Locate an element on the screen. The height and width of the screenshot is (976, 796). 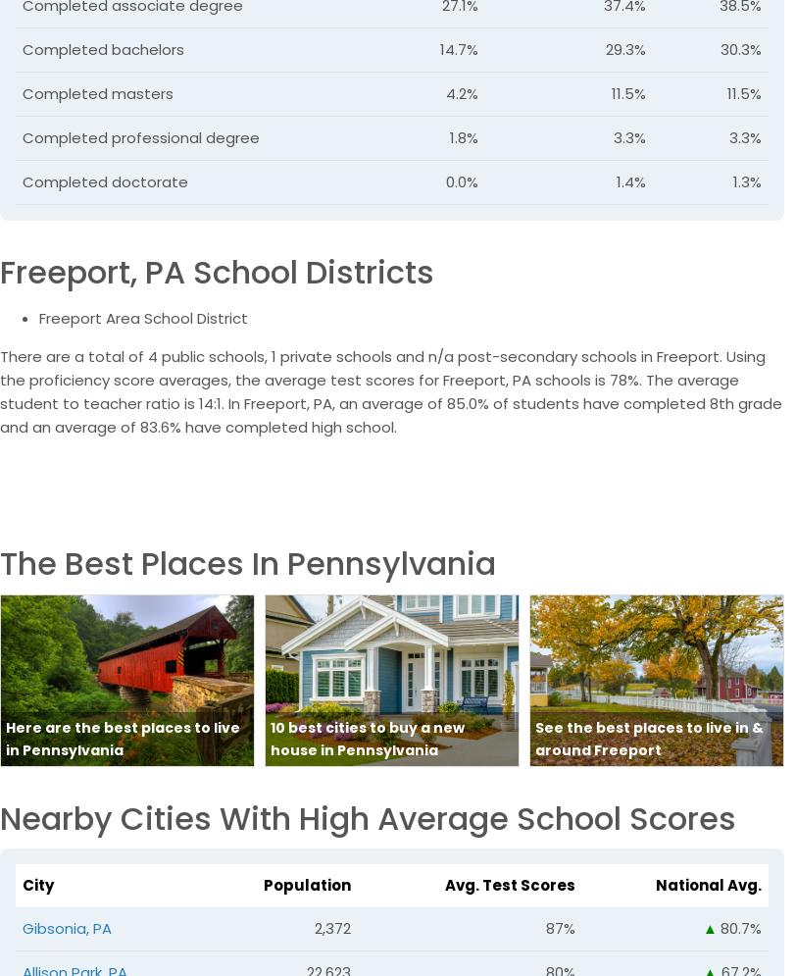
'Completed masters' is located at coordinates (98, 92).